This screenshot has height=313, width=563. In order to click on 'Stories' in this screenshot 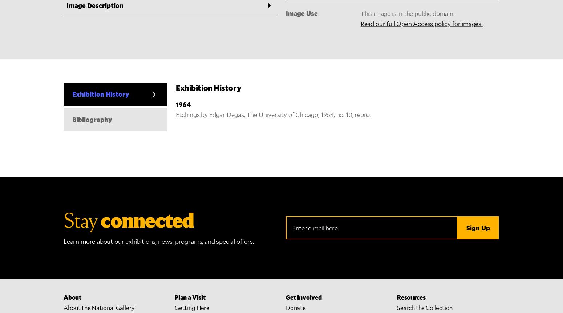, I will do `click(72, 109)`.